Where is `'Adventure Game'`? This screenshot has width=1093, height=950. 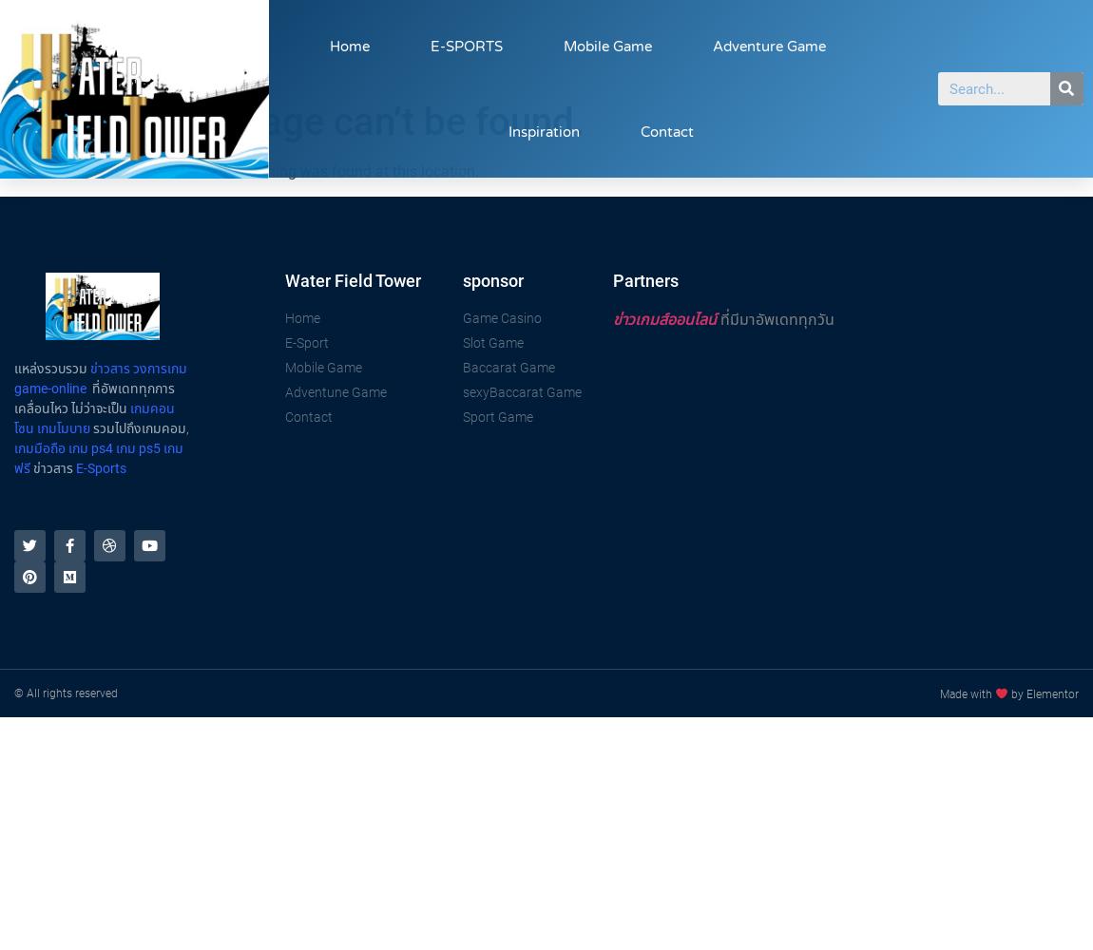 'Adventure Game' is located at coordinates (767, 46).